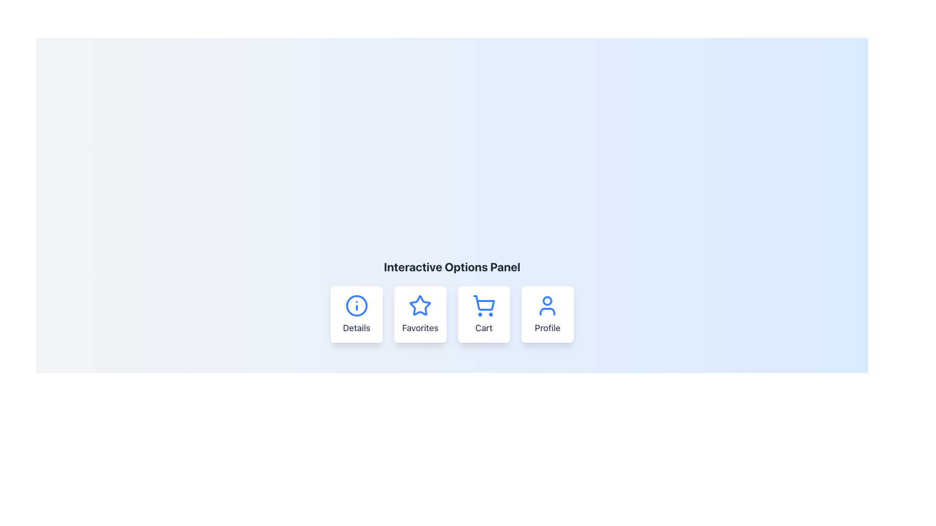 The width and height of the screenshot is (936, 526). I want to click on the star icon, which is the second card from the left in a row of four cards, so click(420, 305).